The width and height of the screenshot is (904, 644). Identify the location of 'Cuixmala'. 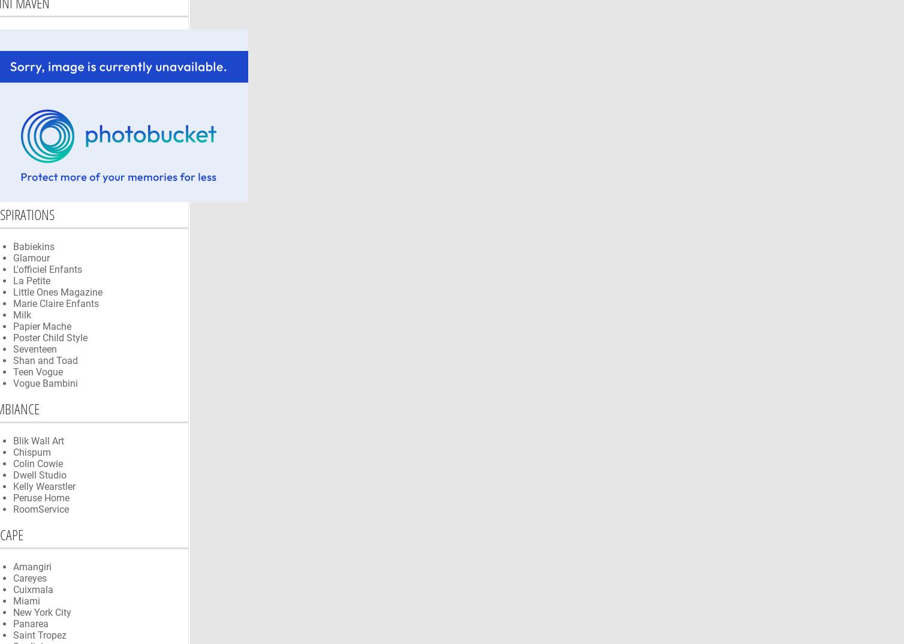
(13, 588).